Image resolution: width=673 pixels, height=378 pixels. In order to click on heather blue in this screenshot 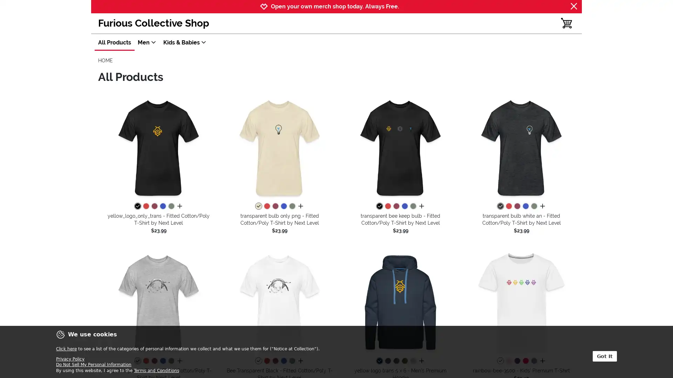, I will do `click(533, 361)`.